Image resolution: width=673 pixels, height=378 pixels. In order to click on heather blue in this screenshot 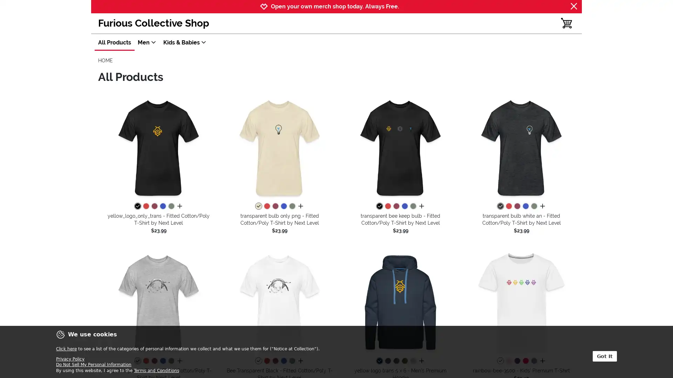, I will do `click(533, 361)`.